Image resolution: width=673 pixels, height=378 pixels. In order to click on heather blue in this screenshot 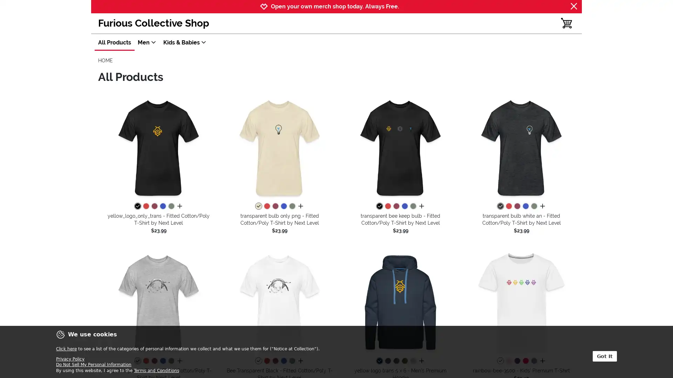, I will do `click(533, 361)`.